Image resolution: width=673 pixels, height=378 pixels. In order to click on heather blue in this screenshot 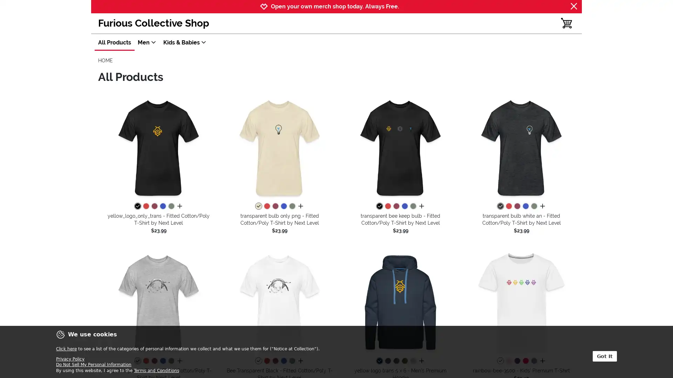, I will do `click(533, 361)`.